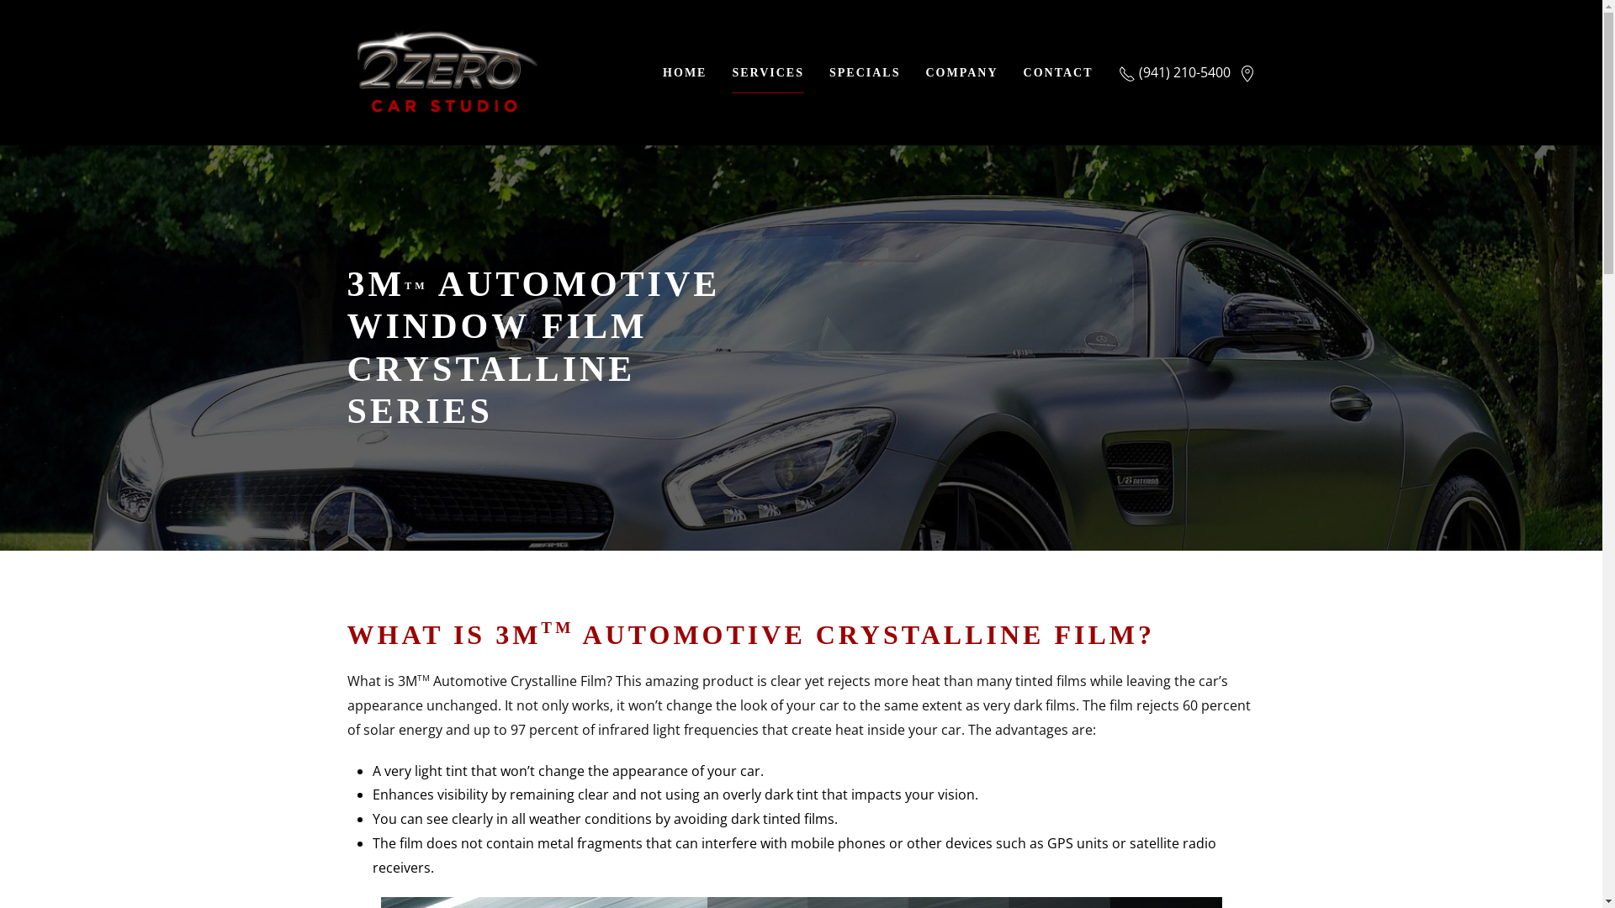  Describe the element at coordinates (766, 71) in the screenshot. I see `'SERVICES'` at that location.